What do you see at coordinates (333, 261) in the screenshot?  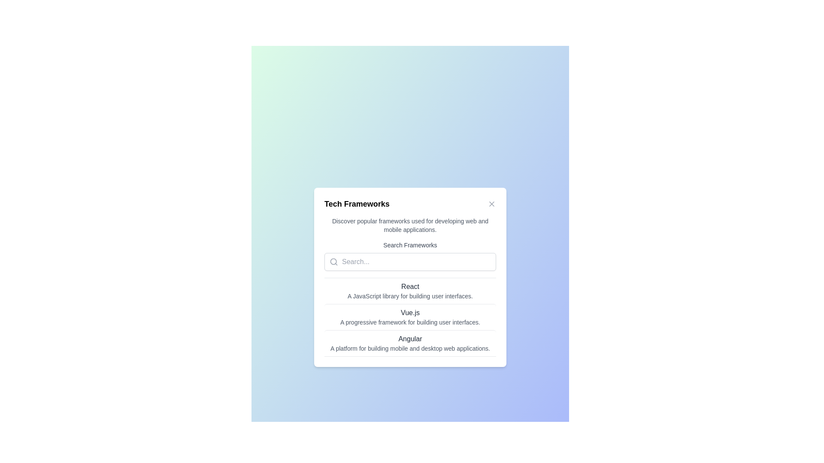 I see `the search icon located inside the search input field, which visually represents the search capability of the input box` at bounding box center [333, 261].